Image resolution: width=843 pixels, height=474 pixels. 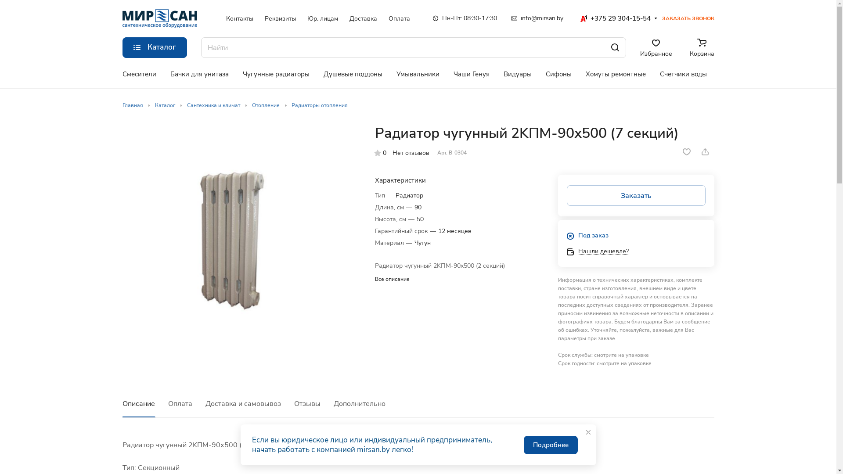 I want to click on '+375 29 304-15-54', so click(x=614, y=18).